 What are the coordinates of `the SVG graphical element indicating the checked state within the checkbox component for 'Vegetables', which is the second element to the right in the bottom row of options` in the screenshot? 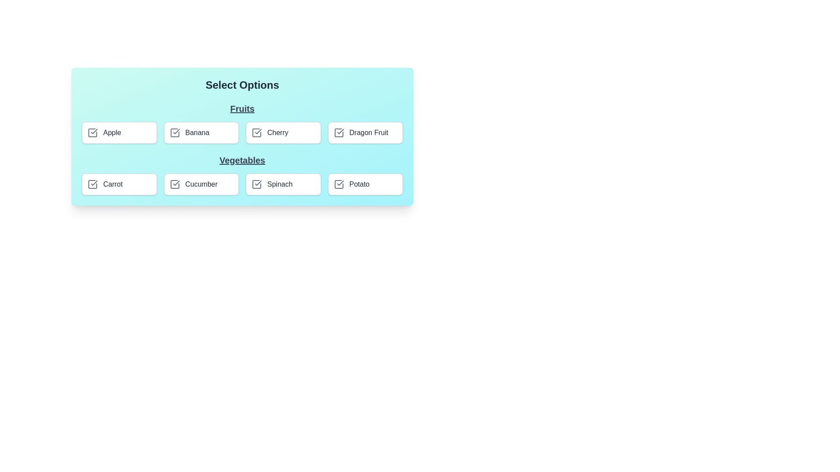 It's located at (339, 183).